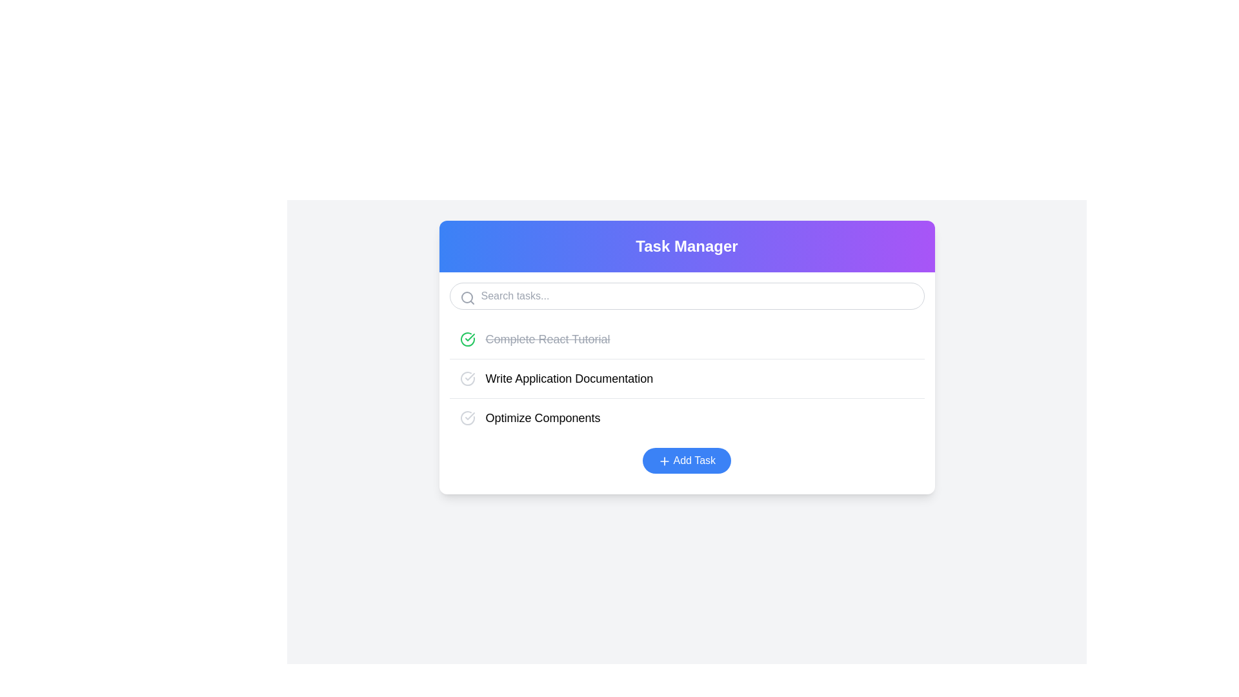 This screenshot has width=1239, height=697. I want to click on the green checkmark icon that indicates the completion of the 'Complete React Tutorial' task, so click(467, 338).